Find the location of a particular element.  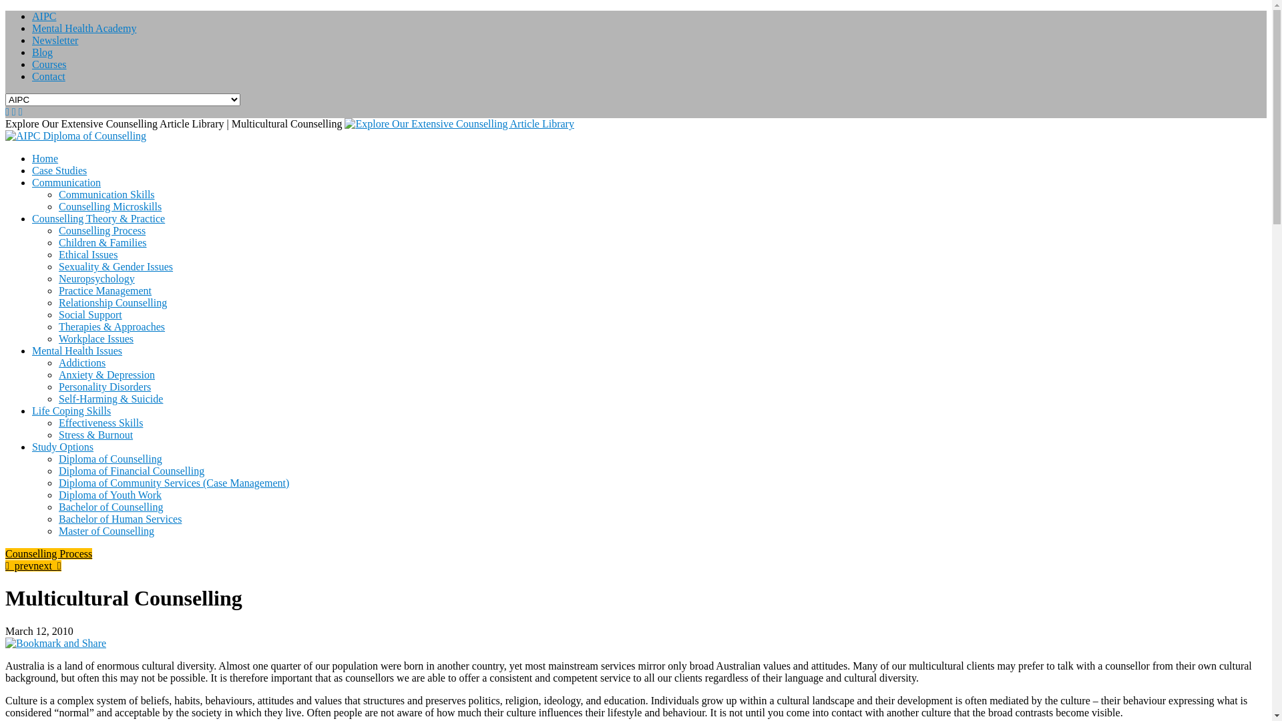

'Children & Families' is located at coordinates (101, 242).